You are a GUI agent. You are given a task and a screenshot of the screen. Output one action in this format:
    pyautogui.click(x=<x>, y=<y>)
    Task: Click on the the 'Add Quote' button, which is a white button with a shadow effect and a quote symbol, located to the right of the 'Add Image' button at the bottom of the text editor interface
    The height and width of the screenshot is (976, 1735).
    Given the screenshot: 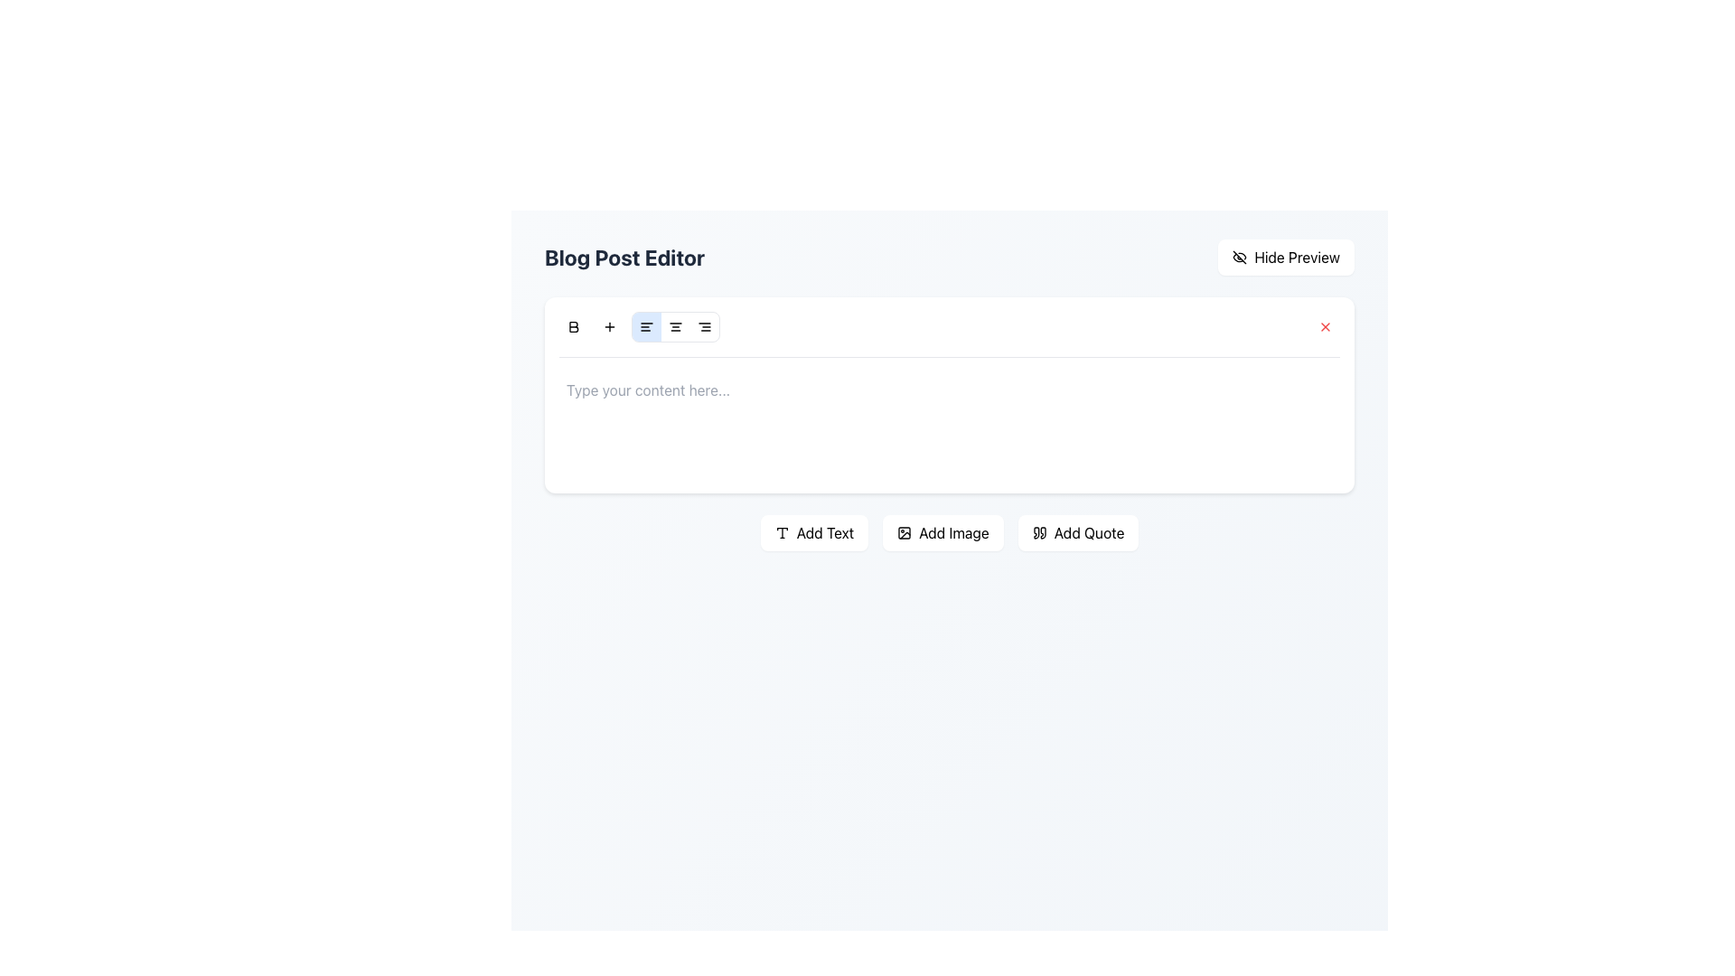 What is the action you would take?
    pyautogui.click(x=1078, y=532)
    